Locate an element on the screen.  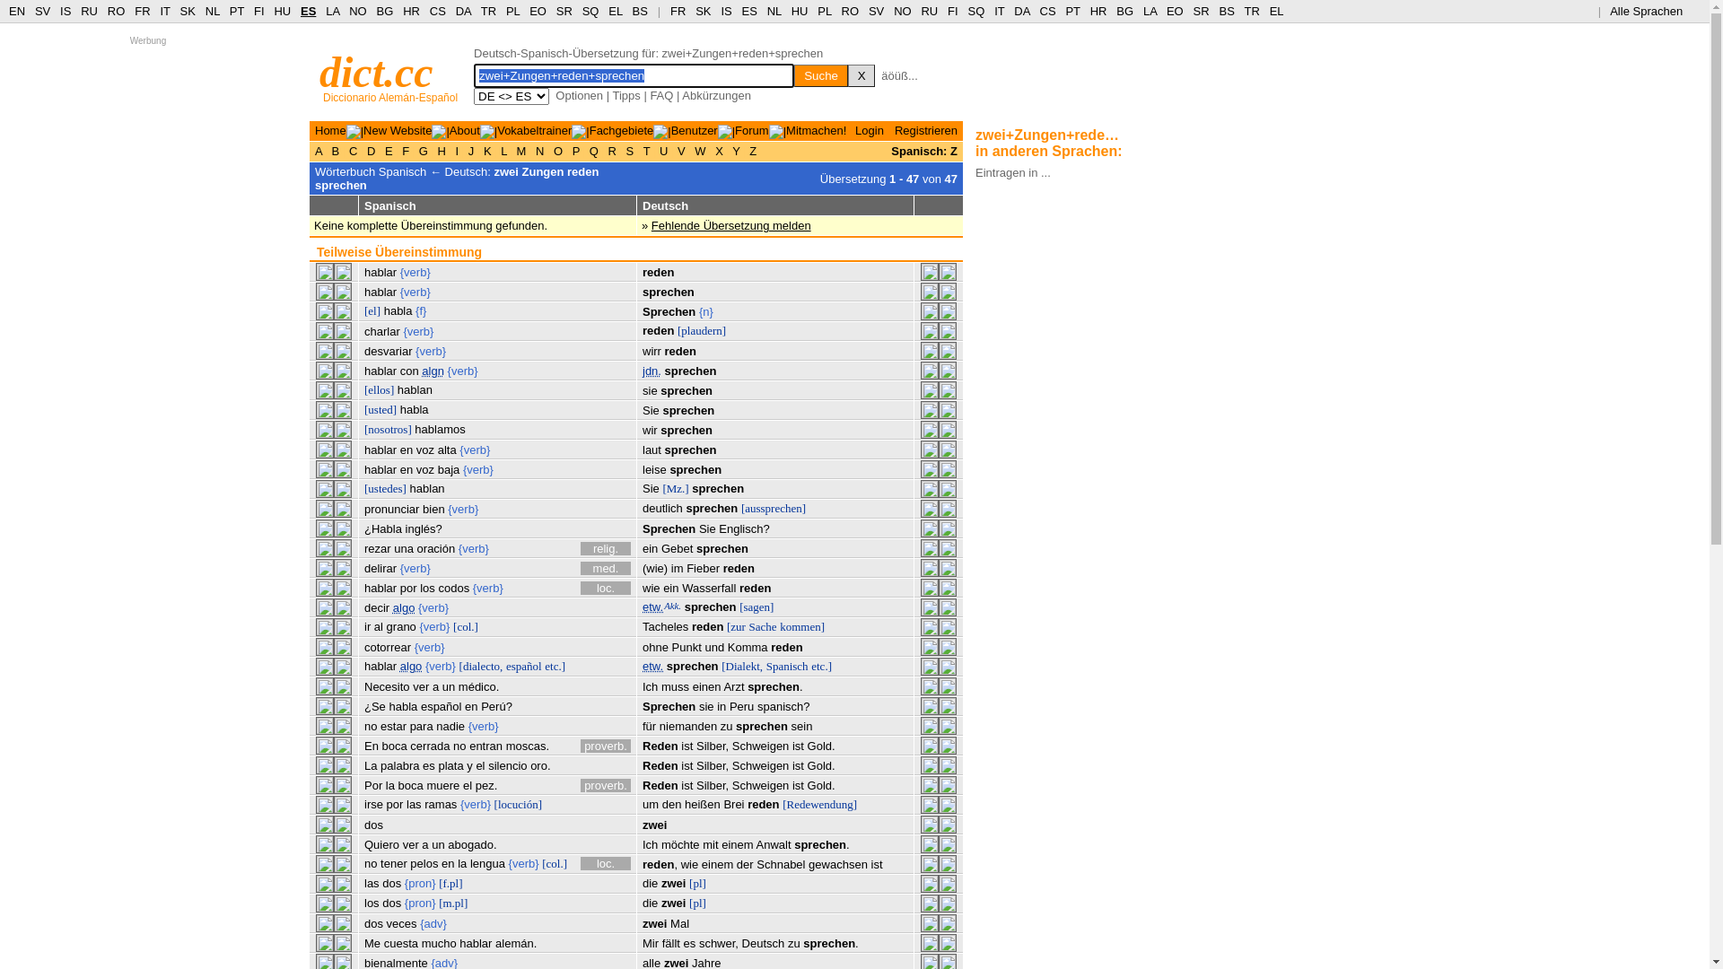
'R' is located at coordinates (612, 150).